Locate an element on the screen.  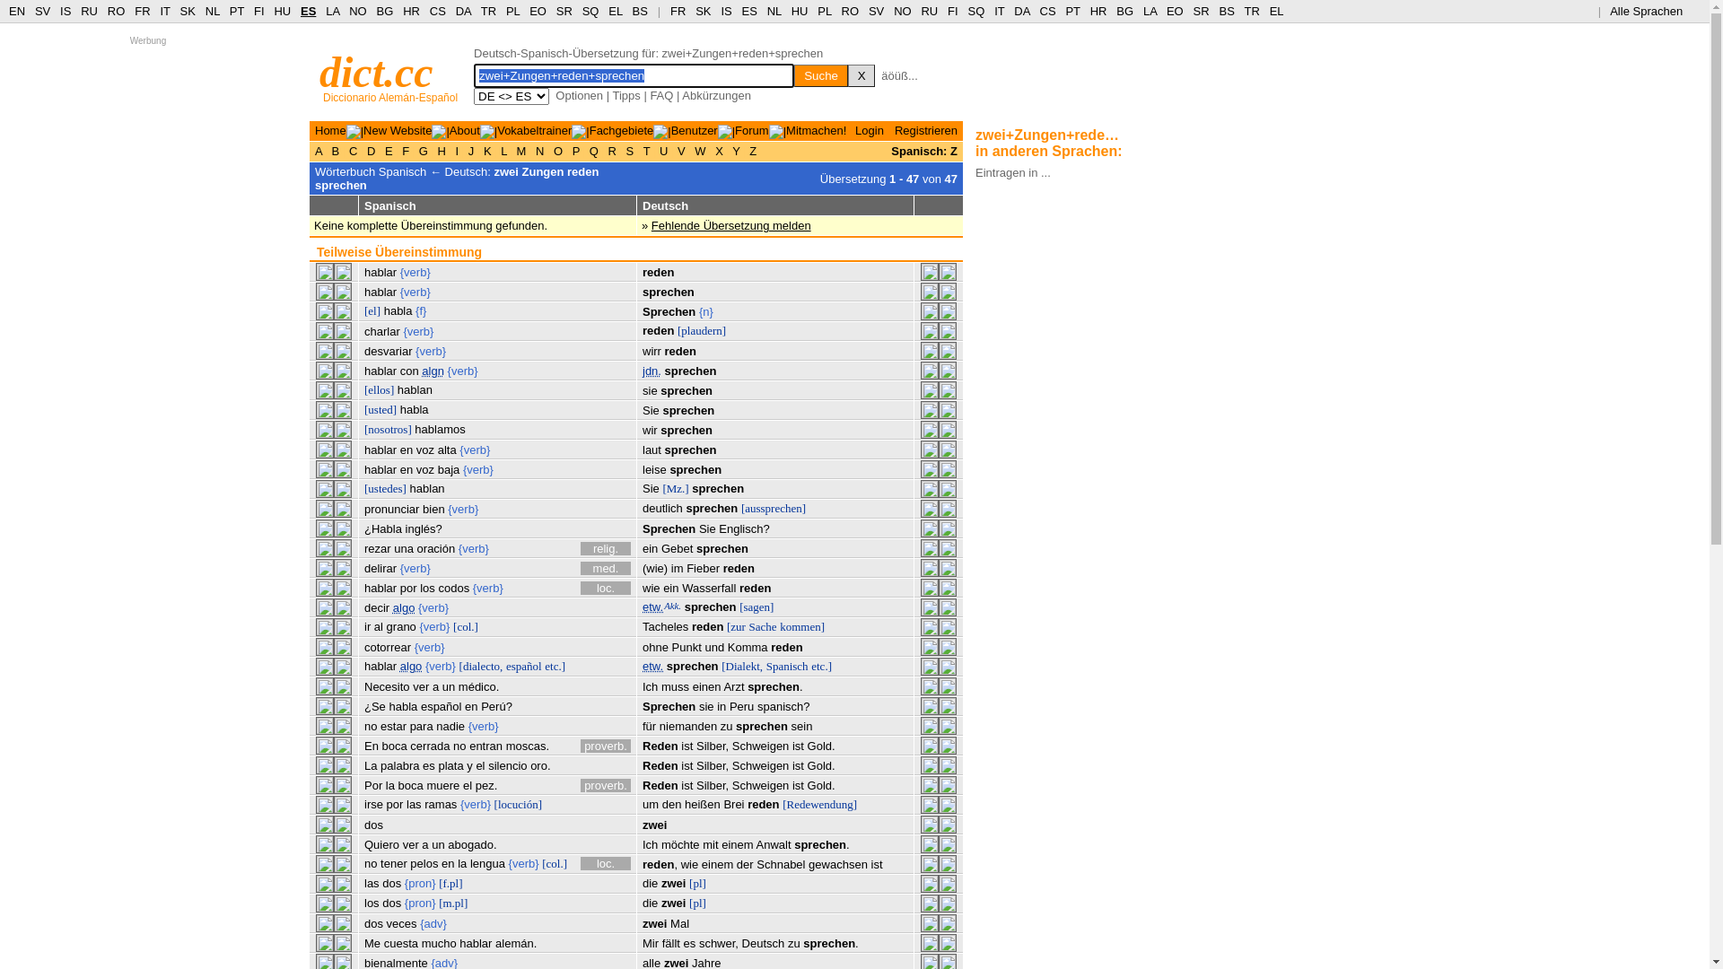
'R' is located at coordinates (612, 150).